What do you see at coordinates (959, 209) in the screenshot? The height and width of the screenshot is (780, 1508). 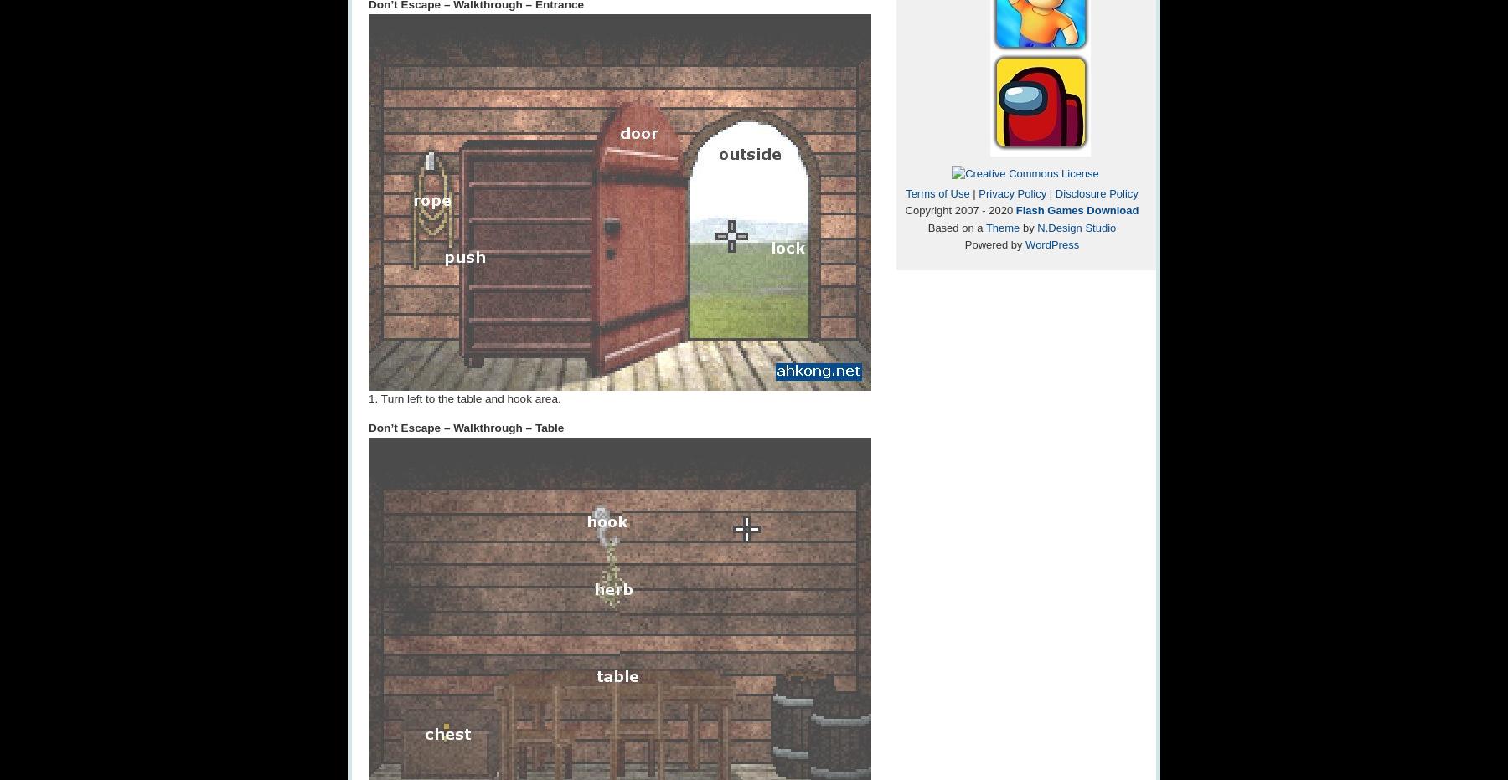 I see `'Copyright 2007 - 2020'` at bounding box center [959, 209].